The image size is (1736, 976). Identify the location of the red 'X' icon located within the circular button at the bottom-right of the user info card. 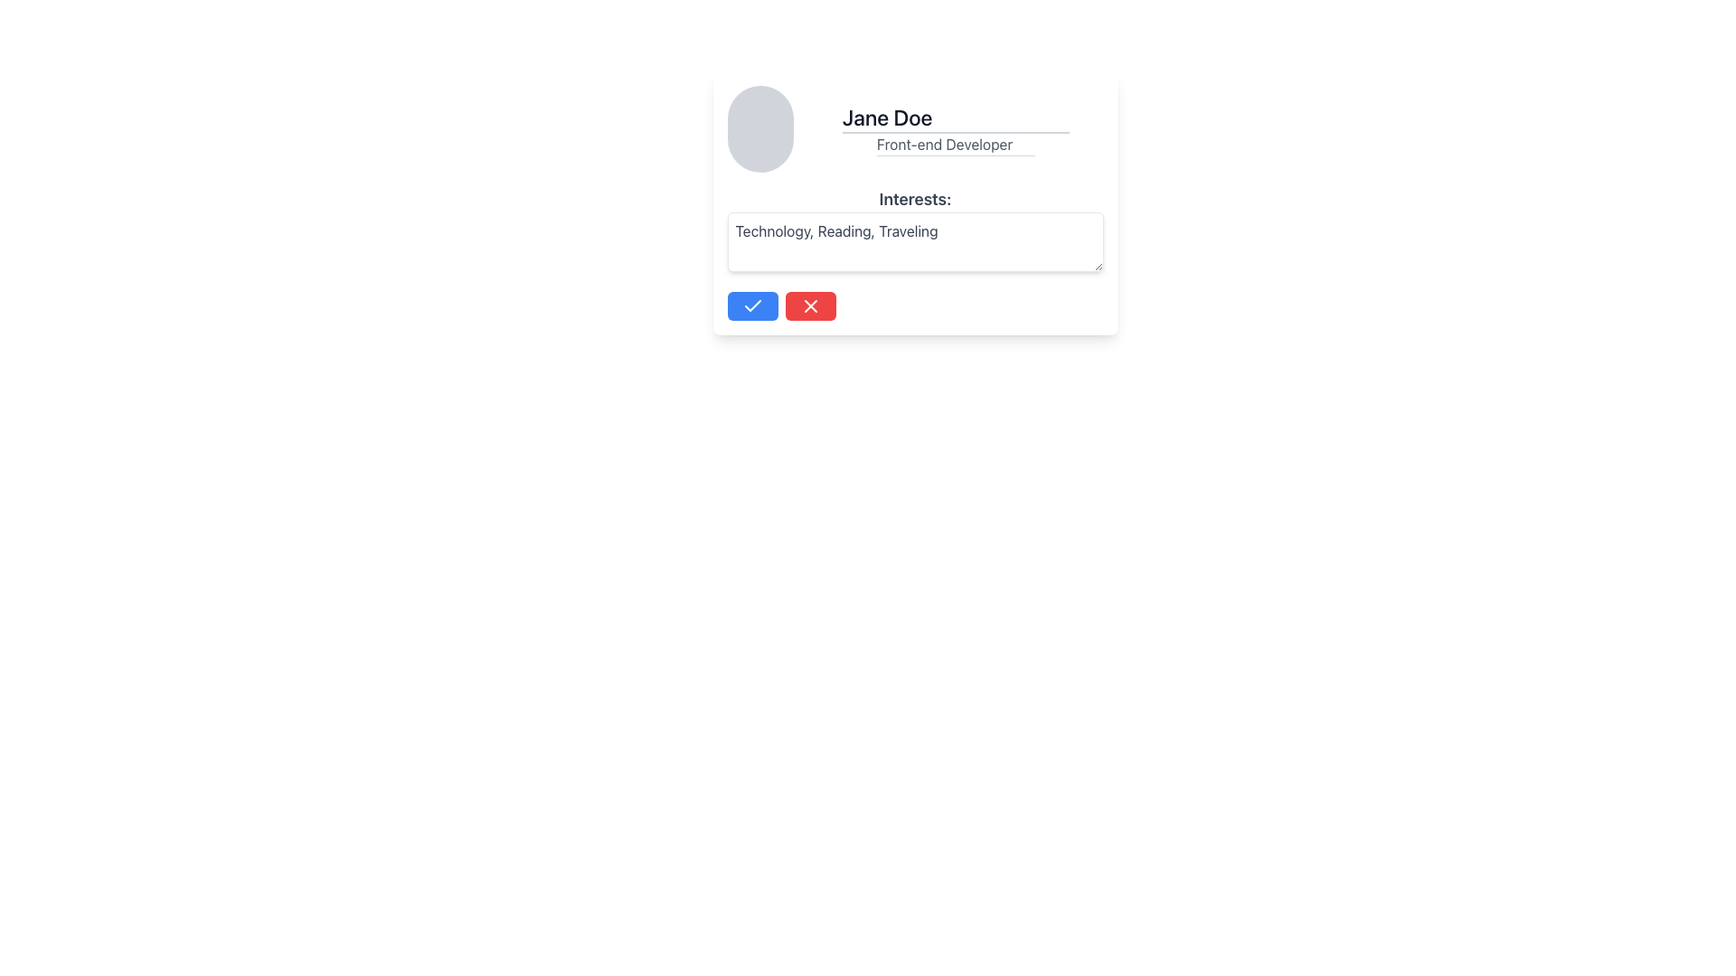
(809, 305).